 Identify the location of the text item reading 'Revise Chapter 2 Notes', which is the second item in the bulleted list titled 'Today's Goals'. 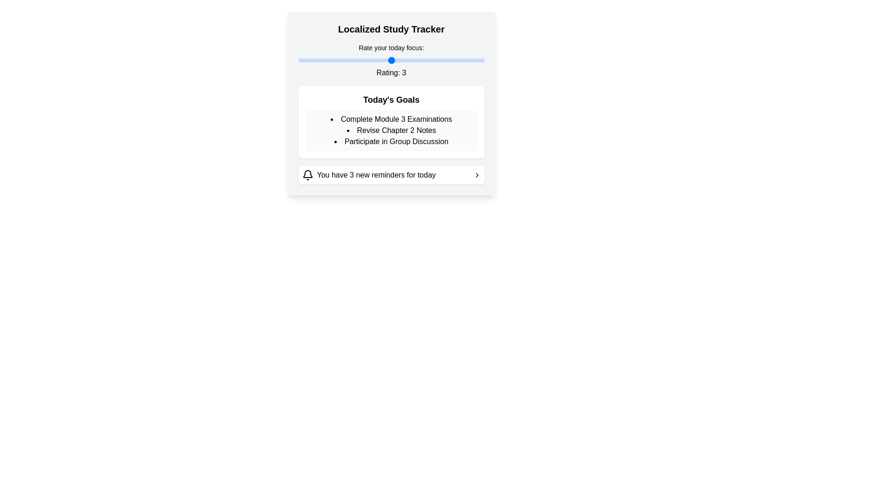
(391, 131).